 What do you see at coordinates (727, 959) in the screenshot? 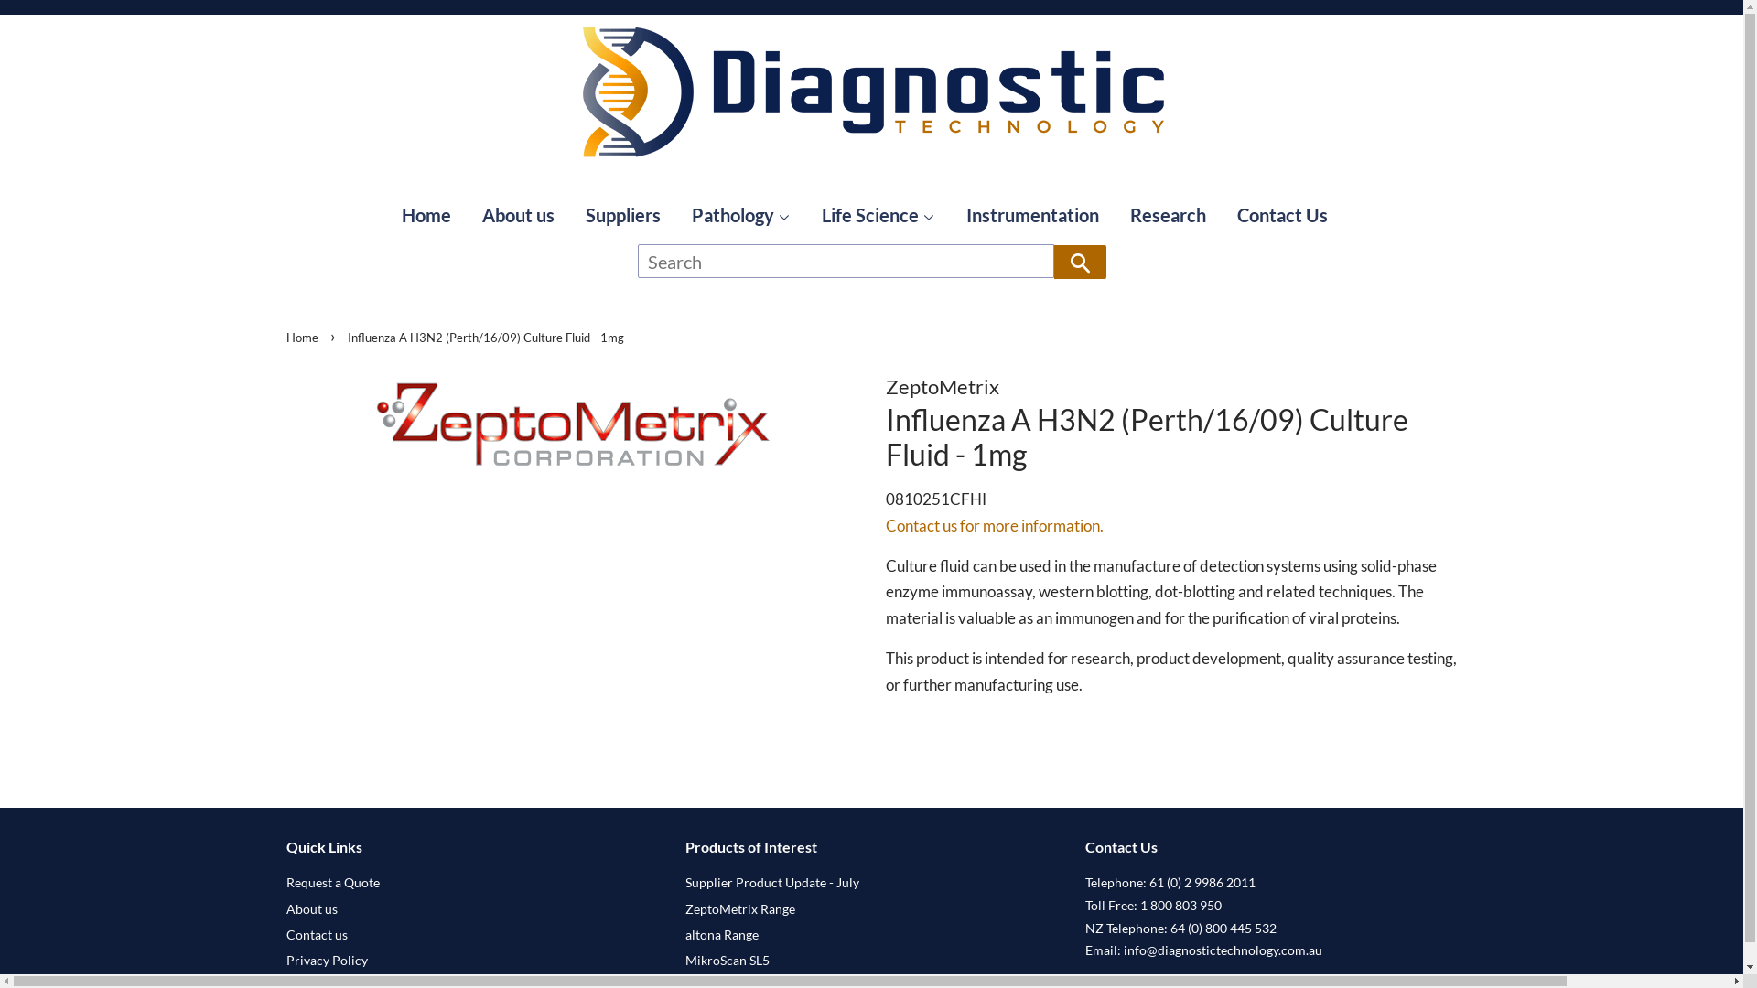
I see `'MikroScan SL5'` at bounding box center [727, 959].